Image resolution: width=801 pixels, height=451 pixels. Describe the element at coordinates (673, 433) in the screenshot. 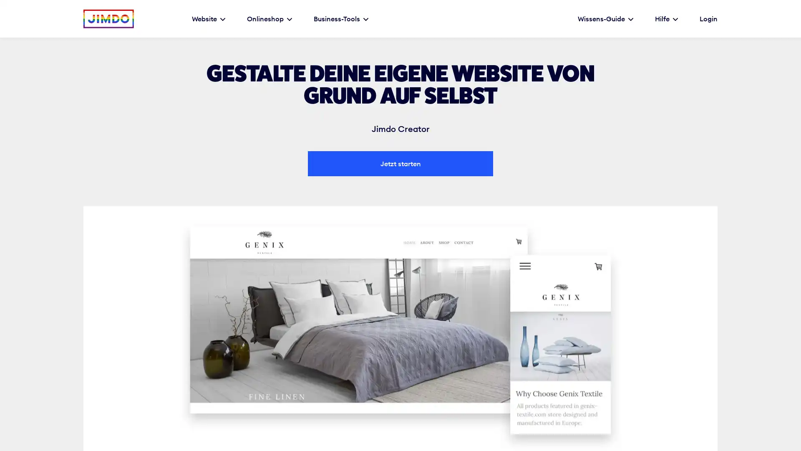

I see `Alles akzeptieren` at that location.